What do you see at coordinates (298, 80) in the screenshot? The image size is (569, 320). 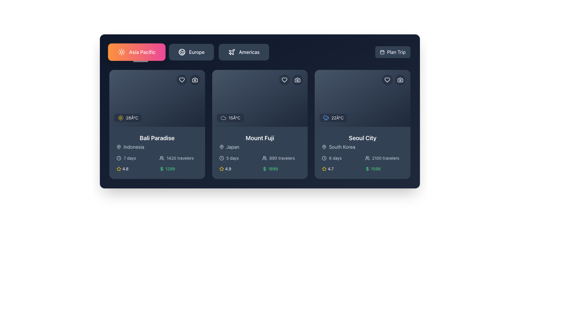 I see `the button in the top-right corner of the 'Mount Fuji' card` at bounding box center [298, 80].